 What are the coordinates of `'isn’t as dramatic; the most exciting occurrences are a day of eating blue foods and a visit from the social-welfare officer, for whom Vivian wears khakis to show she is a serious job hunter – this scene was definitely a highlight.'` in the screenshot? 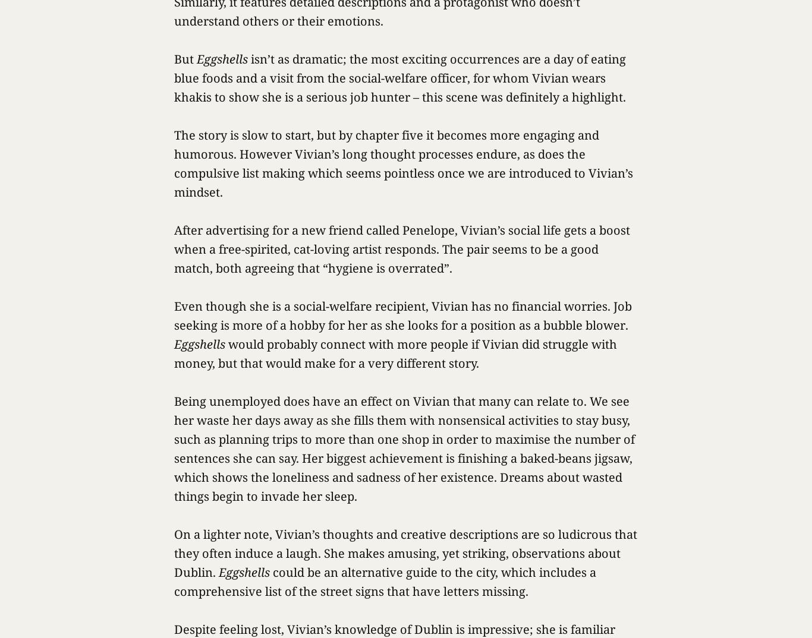 It's located at (399, 77).